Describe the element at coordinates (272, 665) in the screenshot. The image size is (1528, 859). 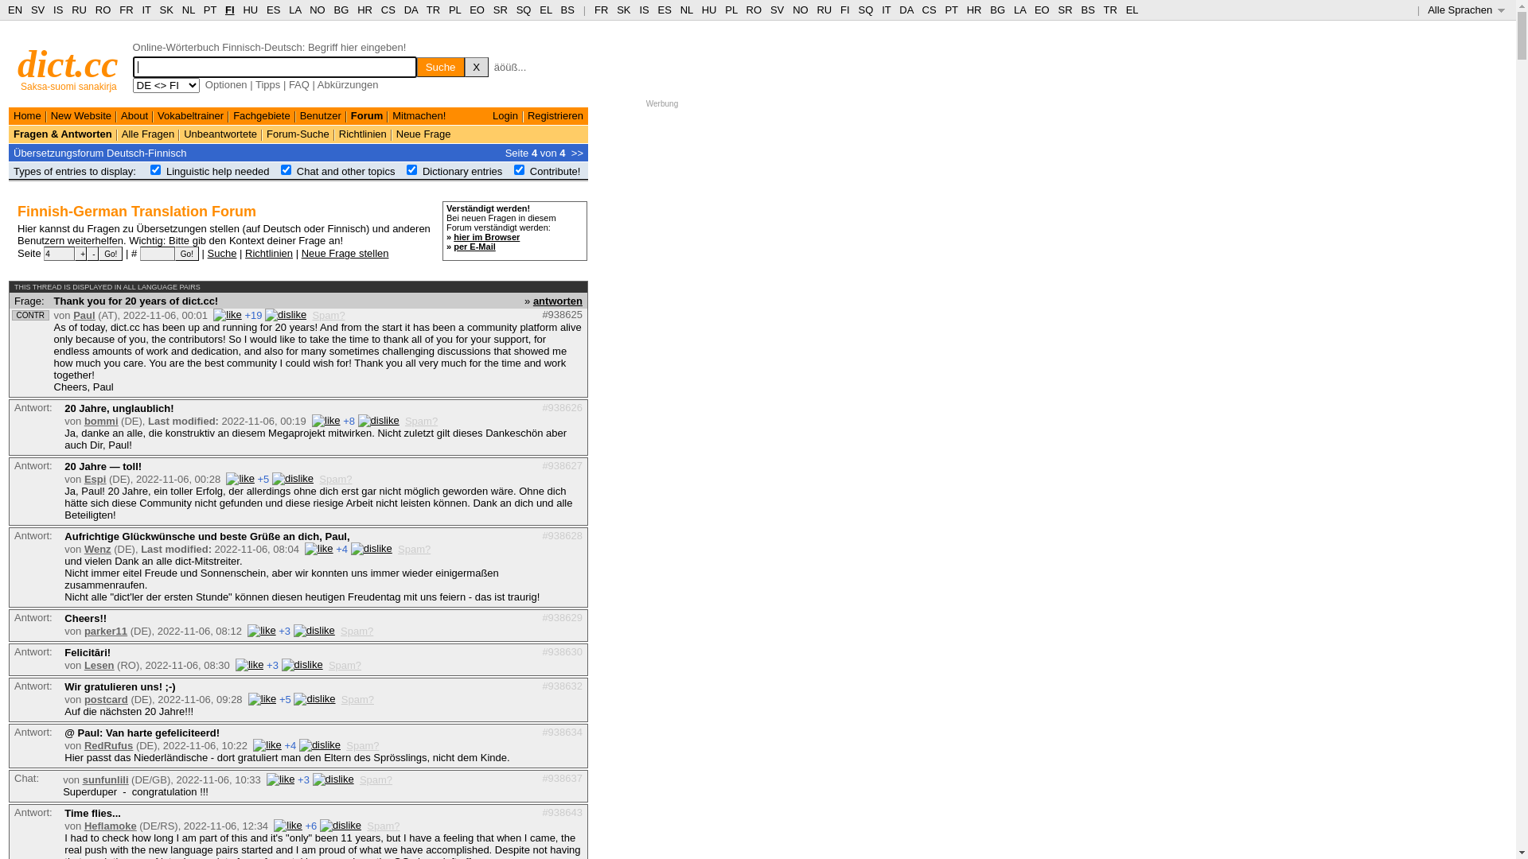
I see `'+3'` at that location.